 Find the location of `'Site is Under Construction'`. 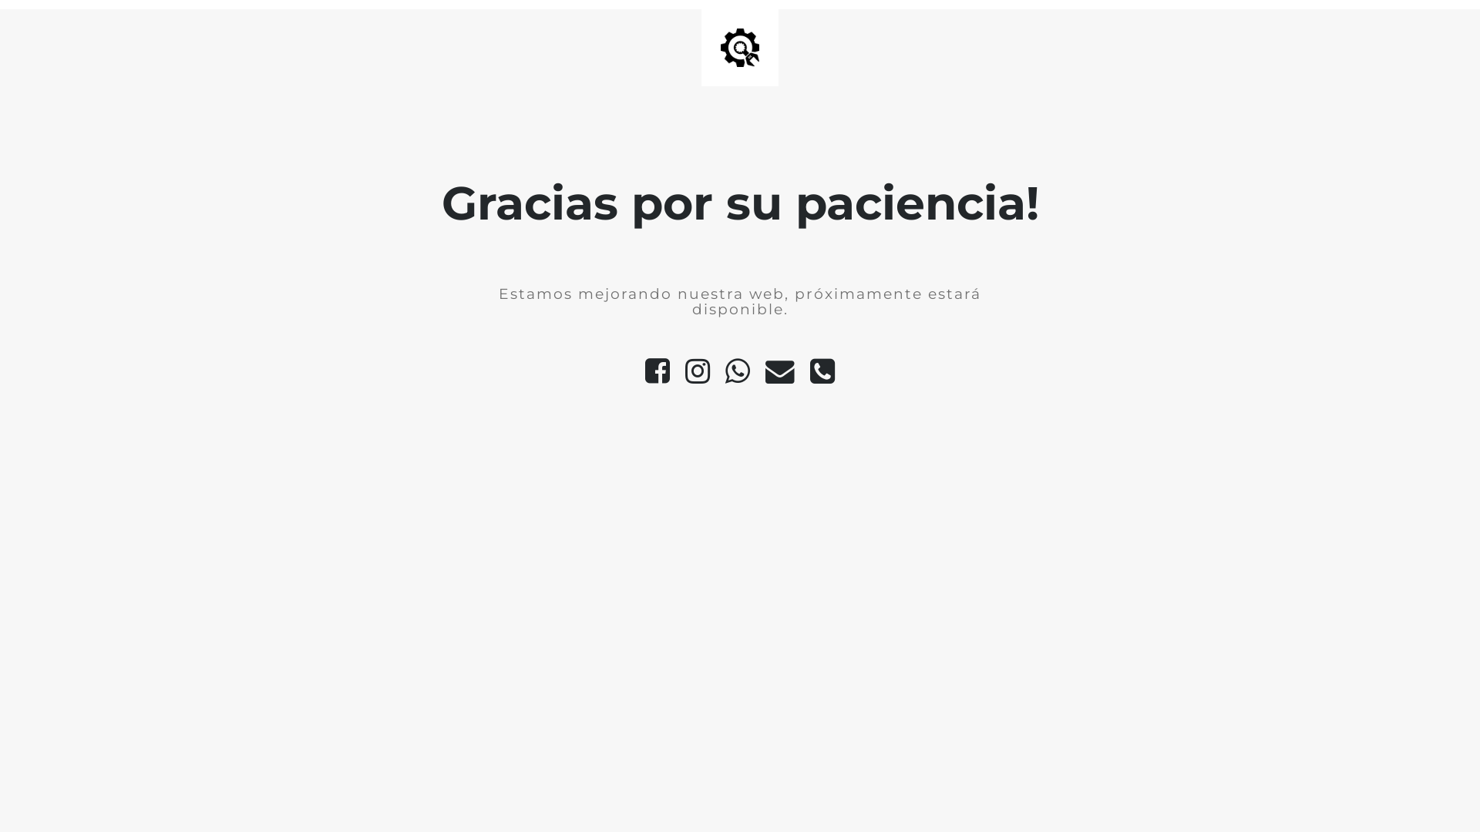

'Site is Under Construction' is located at coordinates (740, 46).